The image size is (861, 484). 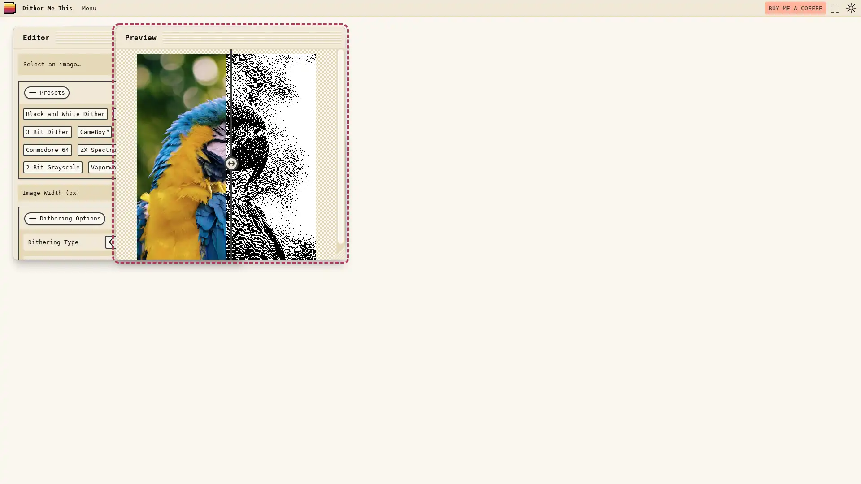 What do you see at coordinates (183, 113) in the screenshot?
I see `CMYK Dither` at bounding box center [183, 113].